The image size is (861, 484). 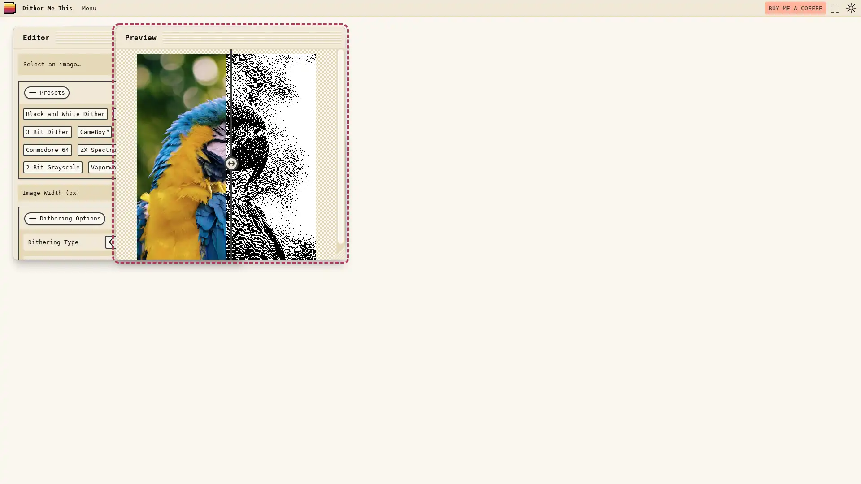 What do you see at coordinates (183, 113) in the screenshot?
I see `CMYK Dither` at bounding box center [183, 113].